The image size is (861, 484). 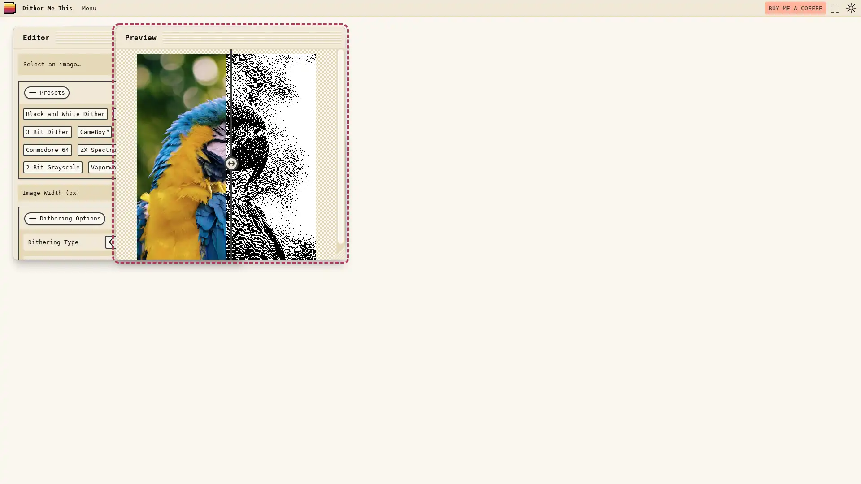 What do you see at coordinates (183, 113) in the screenshot?
I see `CMYK Dither` at bounding box center [183, 113].